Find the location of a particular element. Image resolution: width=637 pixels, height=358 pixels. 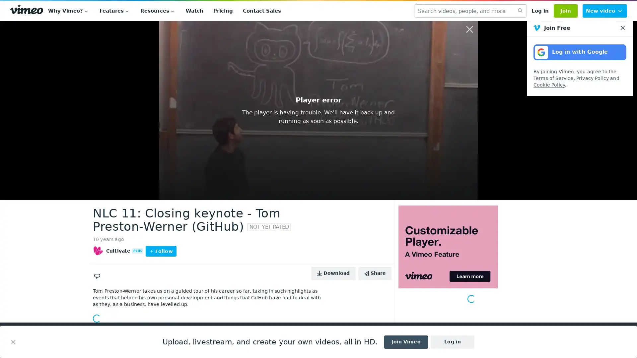

Log in with Google is located at coordinates (579, 52).